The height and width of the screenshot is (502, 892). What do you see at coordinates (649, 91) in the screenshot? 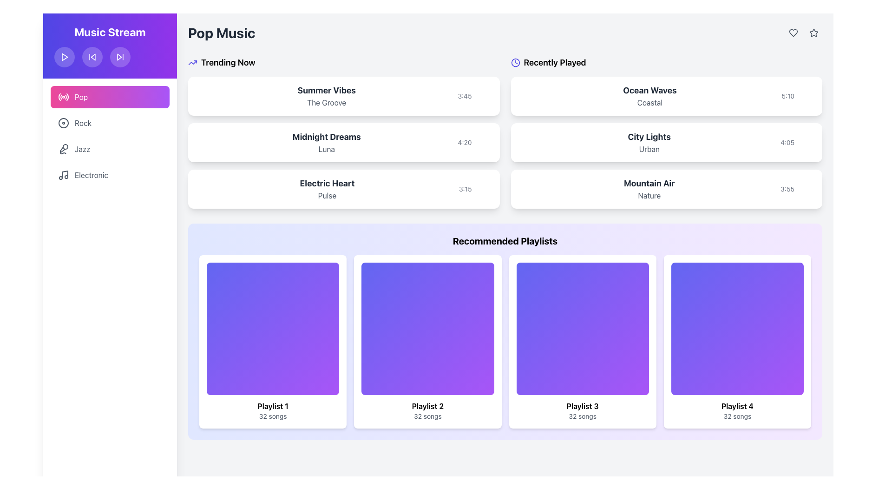
I see `the 'Ocean Waves' text label in the 'Recently Played' section, which is styled in bold, large font and is prominently displayed in grayish-black color` at bounding box center [649, 91].